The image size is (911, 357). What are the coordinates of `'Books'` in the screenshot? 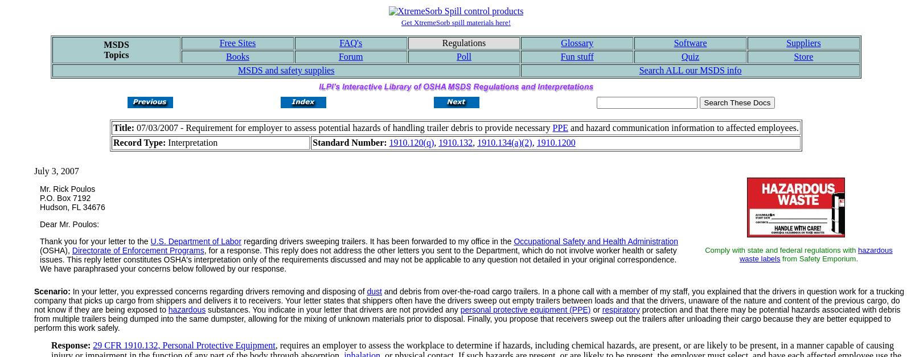 It's located at (225, 56).